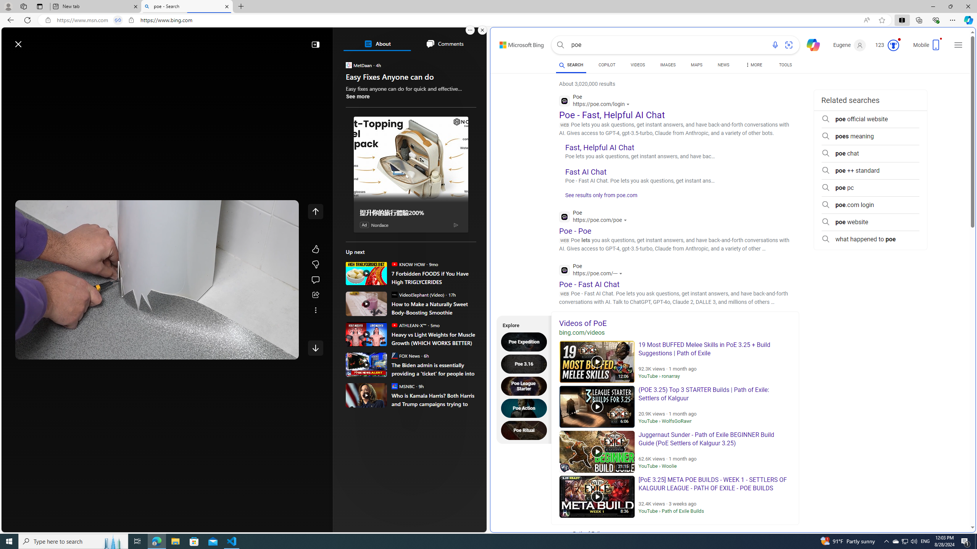  What do you see at coordinates (526, 385) in the screenshot?
I see `'Poe League Starter'` at bounding box center [526, 385].